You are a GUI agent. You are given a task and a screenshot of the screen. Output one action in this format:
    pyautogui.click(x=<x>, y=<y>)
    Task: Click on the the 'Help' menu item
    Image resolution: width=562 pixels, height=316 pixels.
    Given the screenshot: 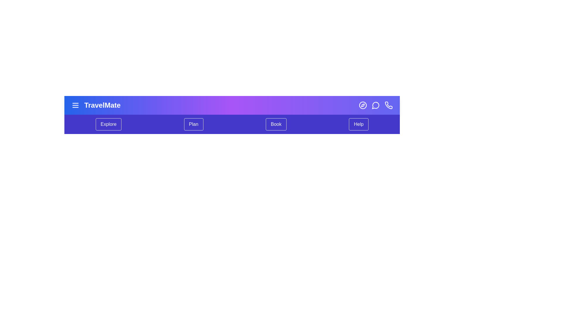 What is the action you would take?
    pyautogui.click(x=358, y=124)
    